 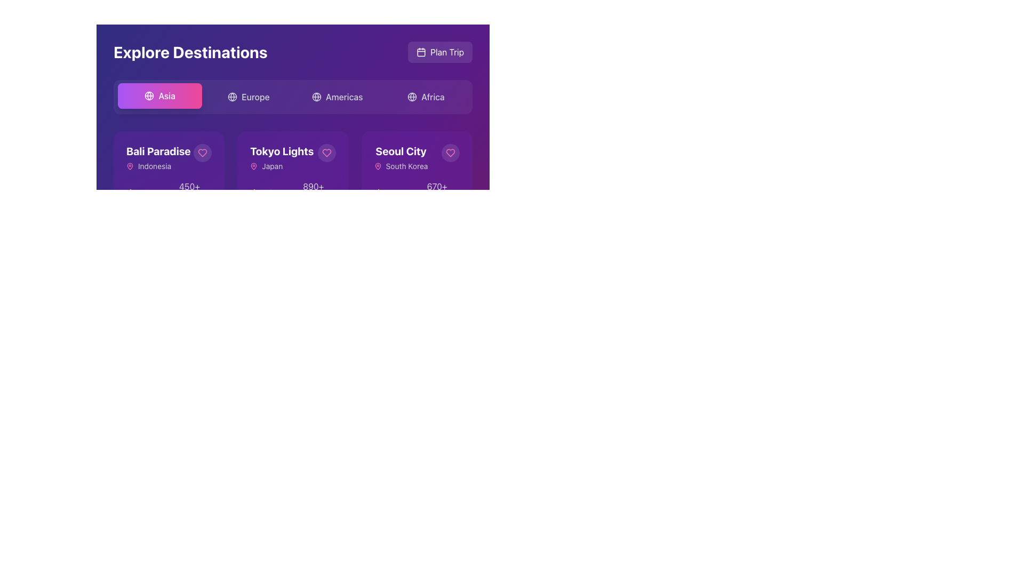 What do you see at coordinates (425, 97) in the screenshot?
I see `the 'Africa' button with a globe icon` at bounding box center [425, 97].